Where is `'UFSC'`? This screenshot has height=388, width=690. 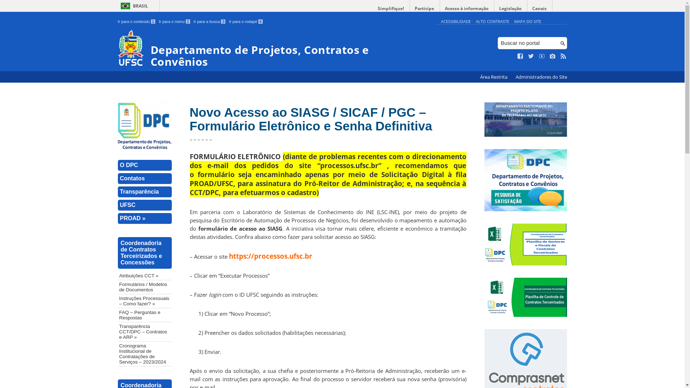 'UFSC' is located at coordinates (144, 205).